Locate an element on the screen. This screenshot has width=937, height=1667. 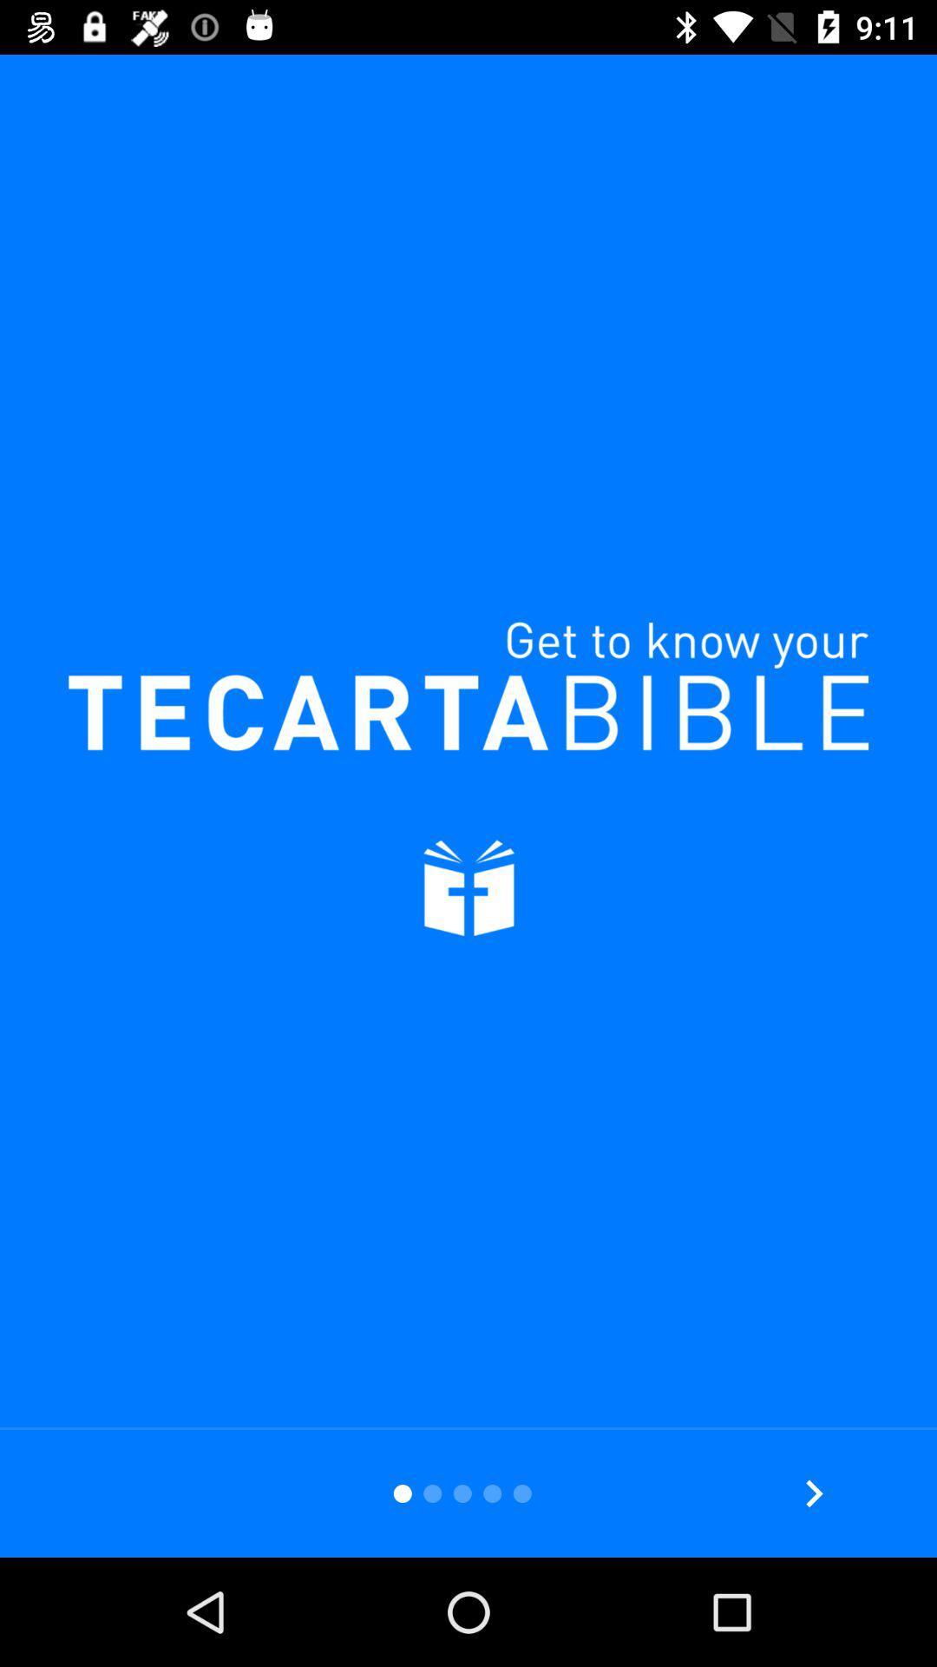
next page is located at coordinates (814, 1492).